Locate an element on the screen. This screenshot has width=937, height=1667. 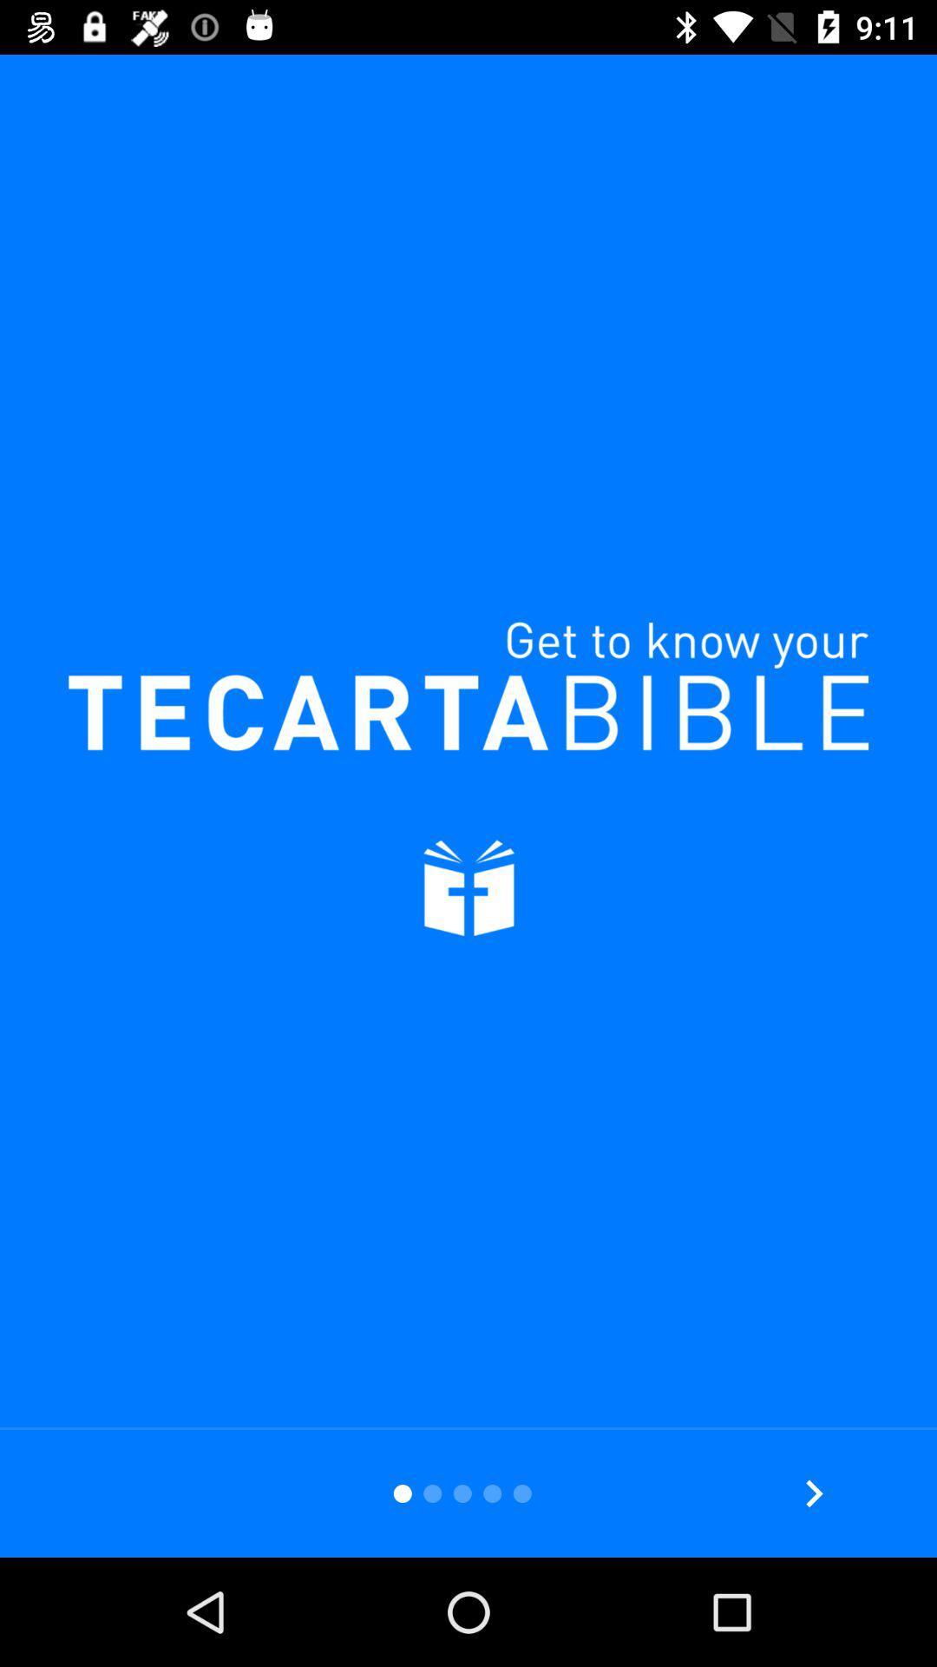
next page is located at coordinates (814, 1492).